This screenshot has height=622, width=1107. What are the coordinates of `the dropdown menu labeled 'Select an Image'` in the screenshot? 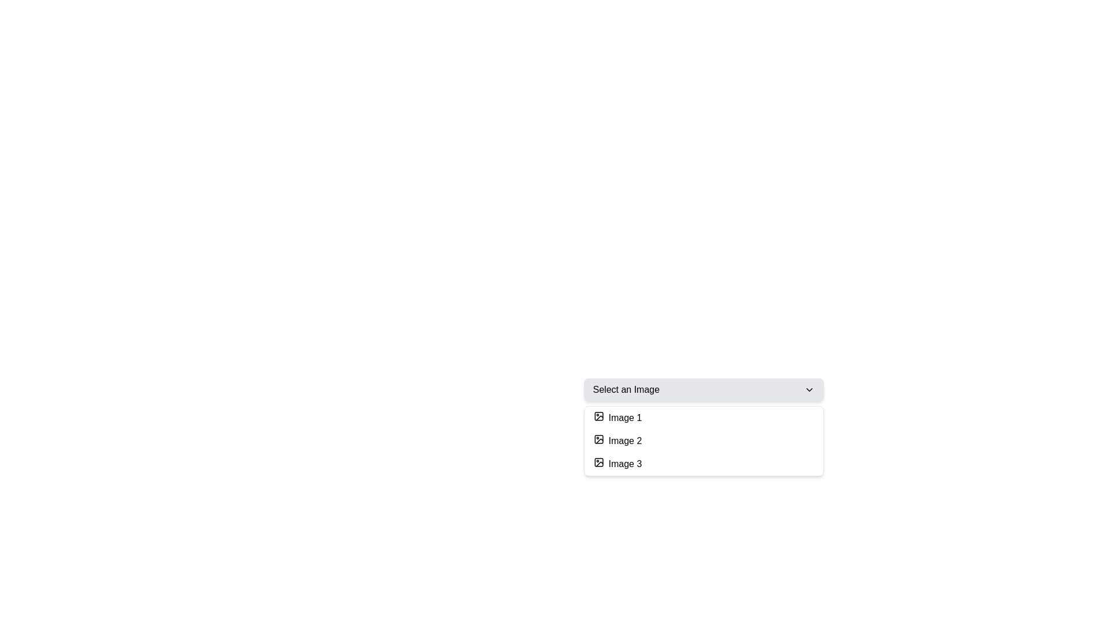 It's located at (703, 389).